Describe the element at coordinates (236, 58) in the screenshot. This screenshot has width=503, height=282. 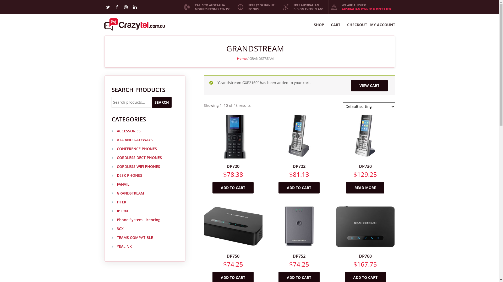
I see `'Home'` at that location.